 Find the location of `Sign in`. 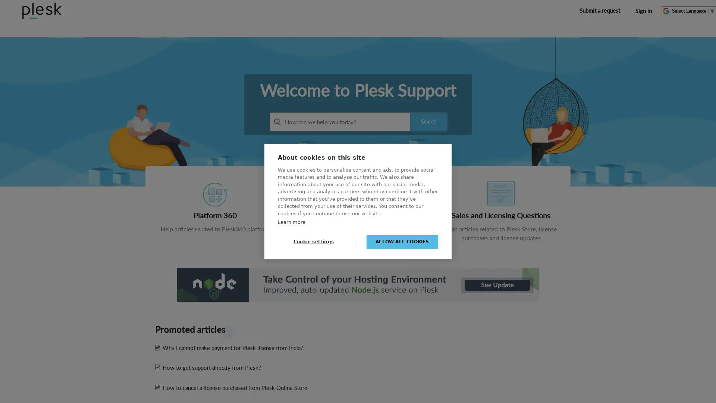

Sign in is located at coordinates (643, 11).